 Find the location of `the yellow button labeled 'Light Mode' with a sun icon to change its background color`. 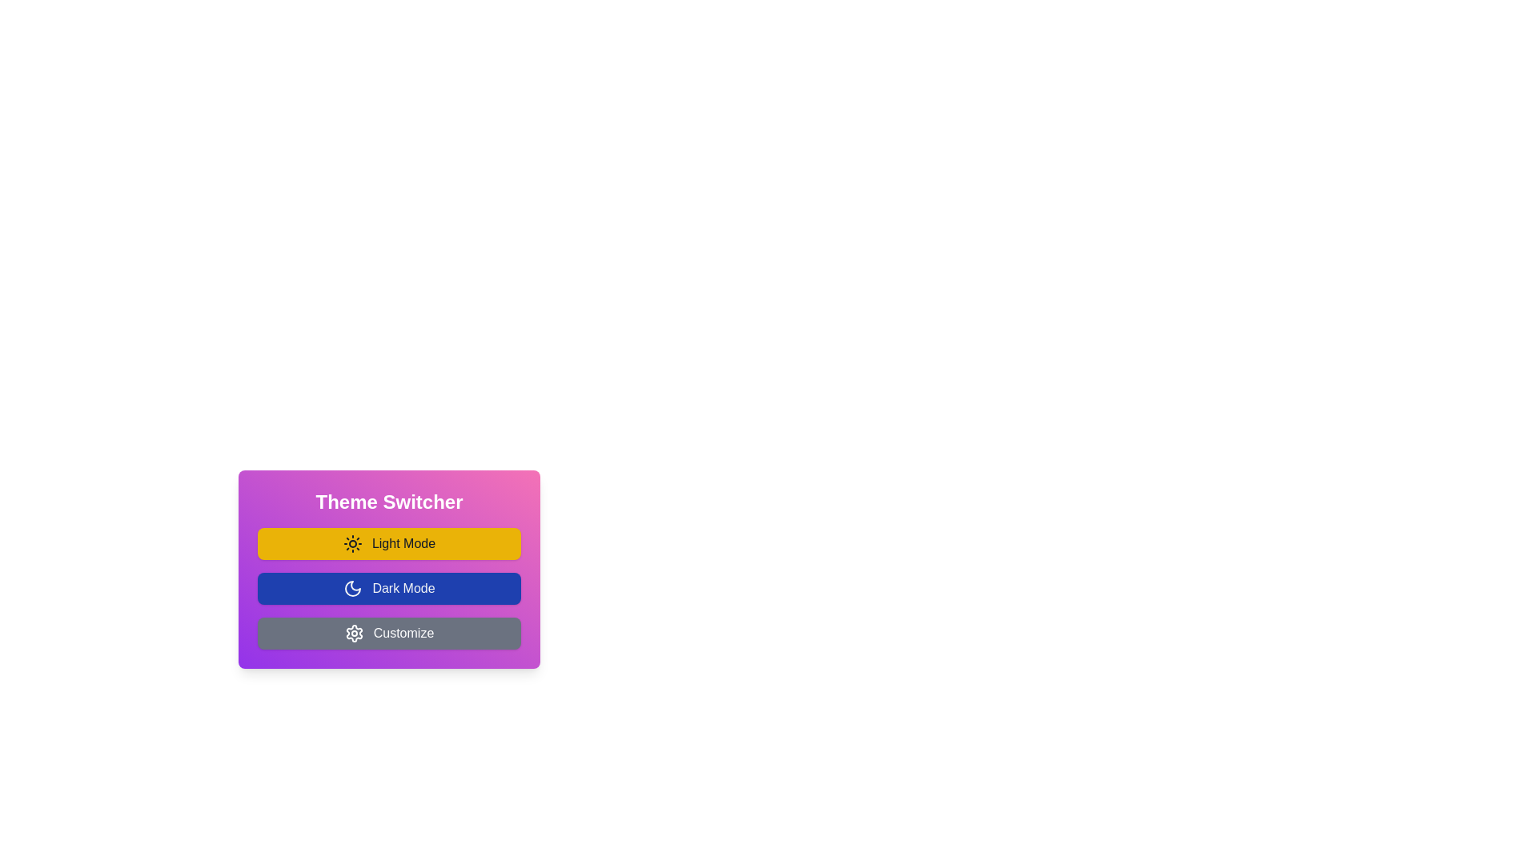

the yellow button labeled 'Light Mode' with a sun icon to change its background color is located at coordinates (389, 542).